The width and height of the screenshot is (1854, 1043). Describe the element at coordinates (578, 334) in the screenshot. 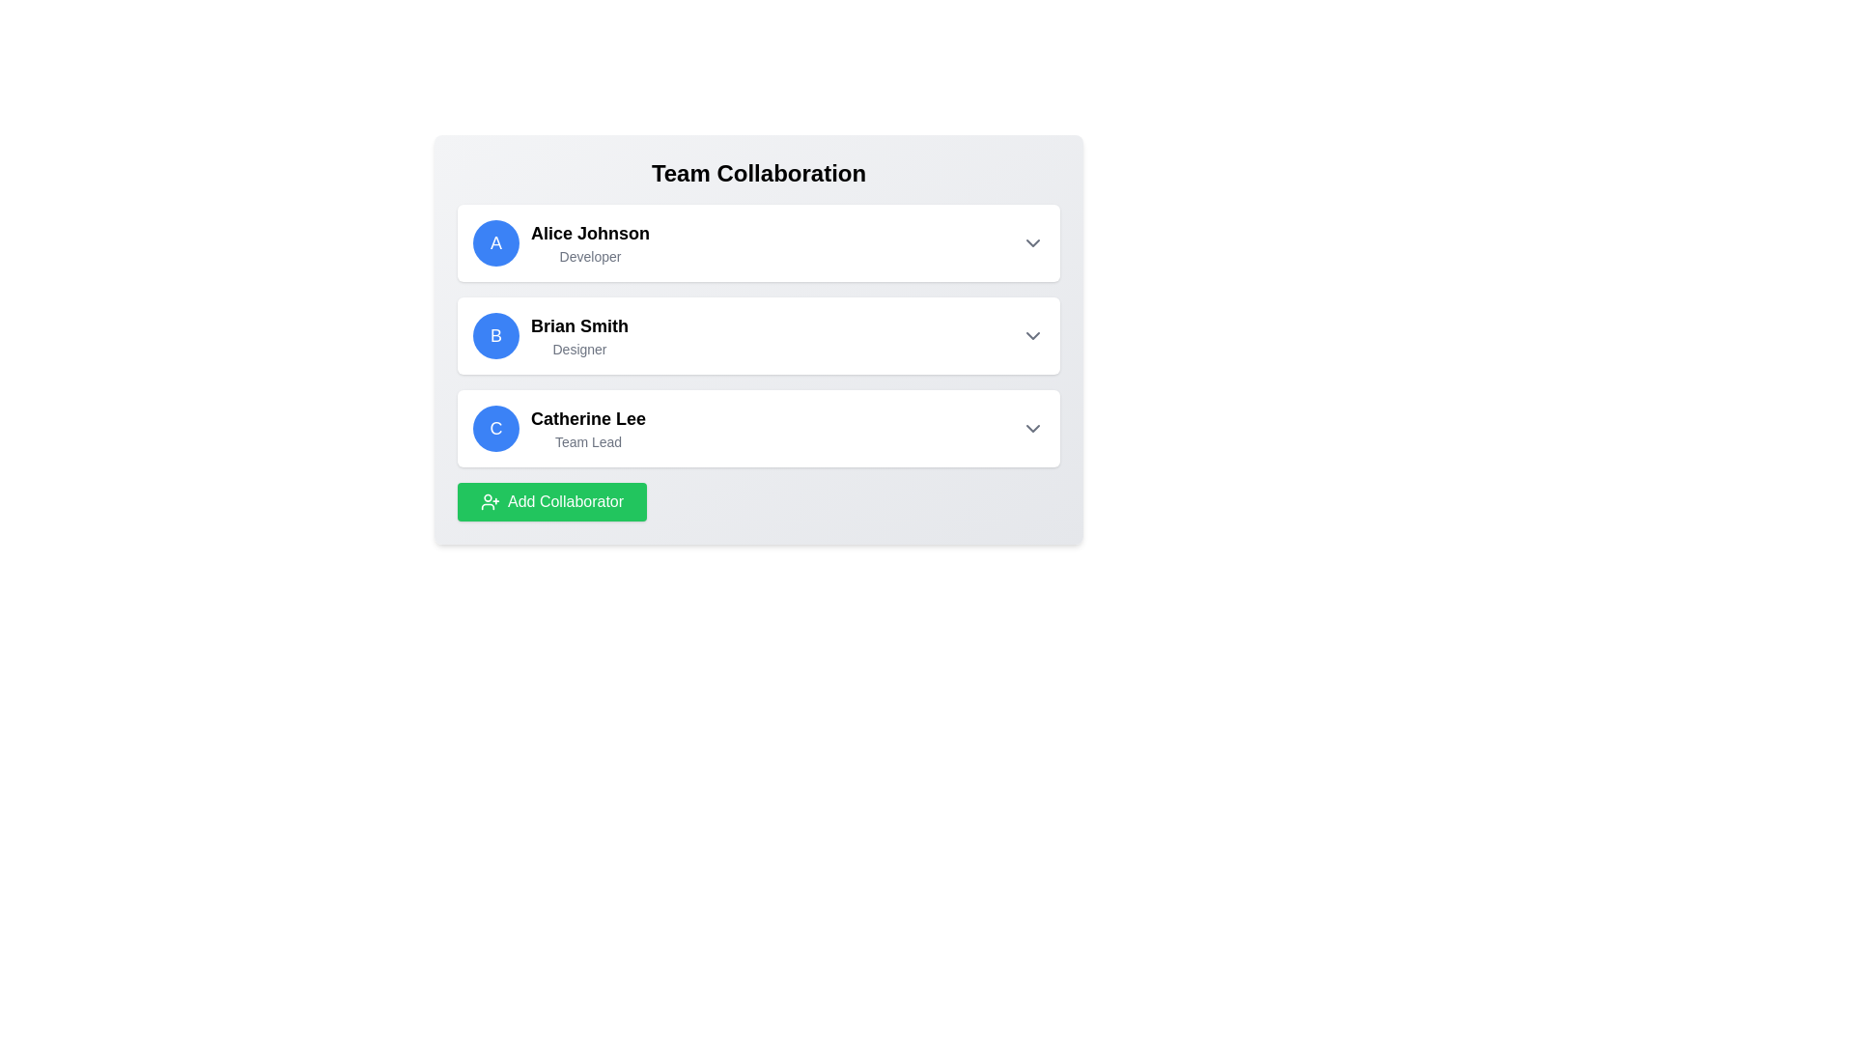

I see `the text block containing 'Brian Smith' in bold and 'Designer' in smaller font, located within the 'Team Collaboration' card, which is the second in a vertical sequence` at that location.